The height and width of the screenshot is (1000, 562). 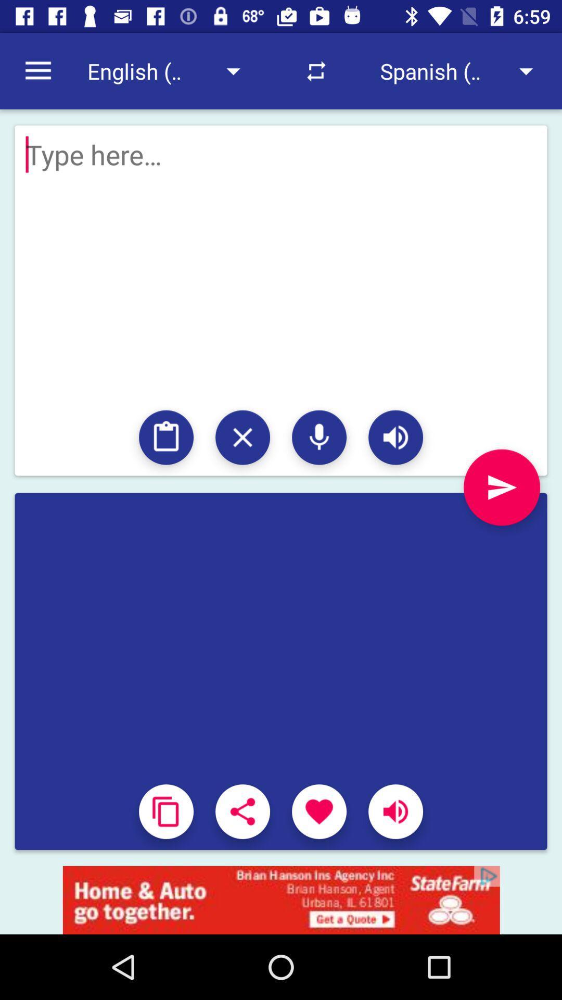 I want to click on previous, so click(x=501, y=487).